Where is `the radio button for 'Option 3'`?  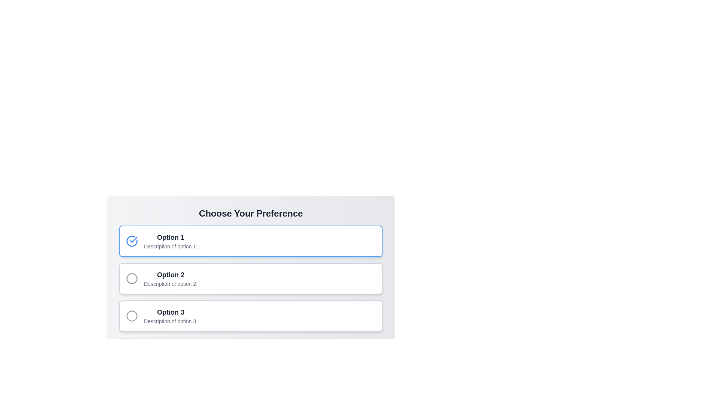
the radio button for 'Option 3' is located at coordinates (132, 316).